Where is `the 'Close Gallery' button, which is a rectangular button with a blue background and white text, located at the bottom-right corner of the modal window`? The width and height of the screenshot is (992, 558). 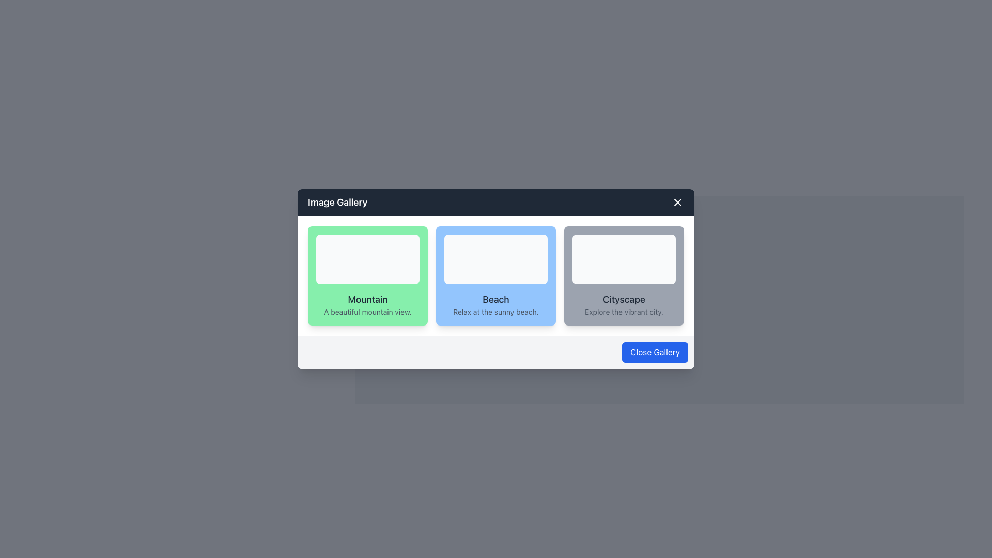
the 'Close Gallery' button, which is a rectangular button with a blue background and white text, located at the bottom-right corner of the modal window is located at coordinates (655, 352).